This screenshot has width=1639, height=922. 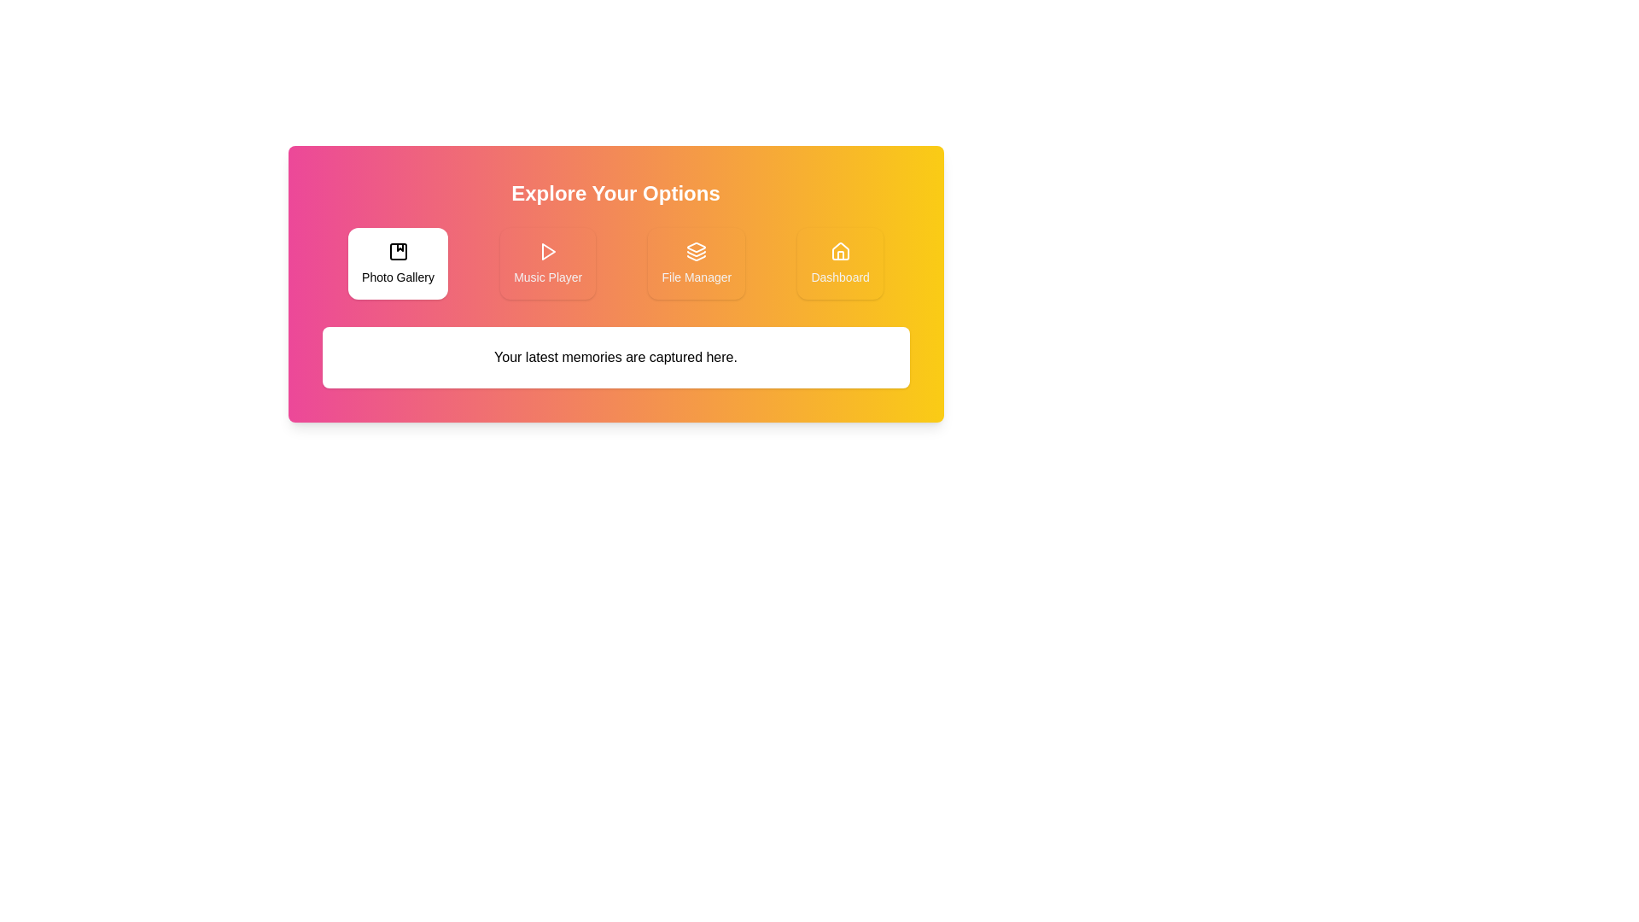 I want to click on text label displaying 'Dashboard' which is in a small gray font against a yellow background, located below the icon in the fourth interactive option, so click(x=840, y=276).